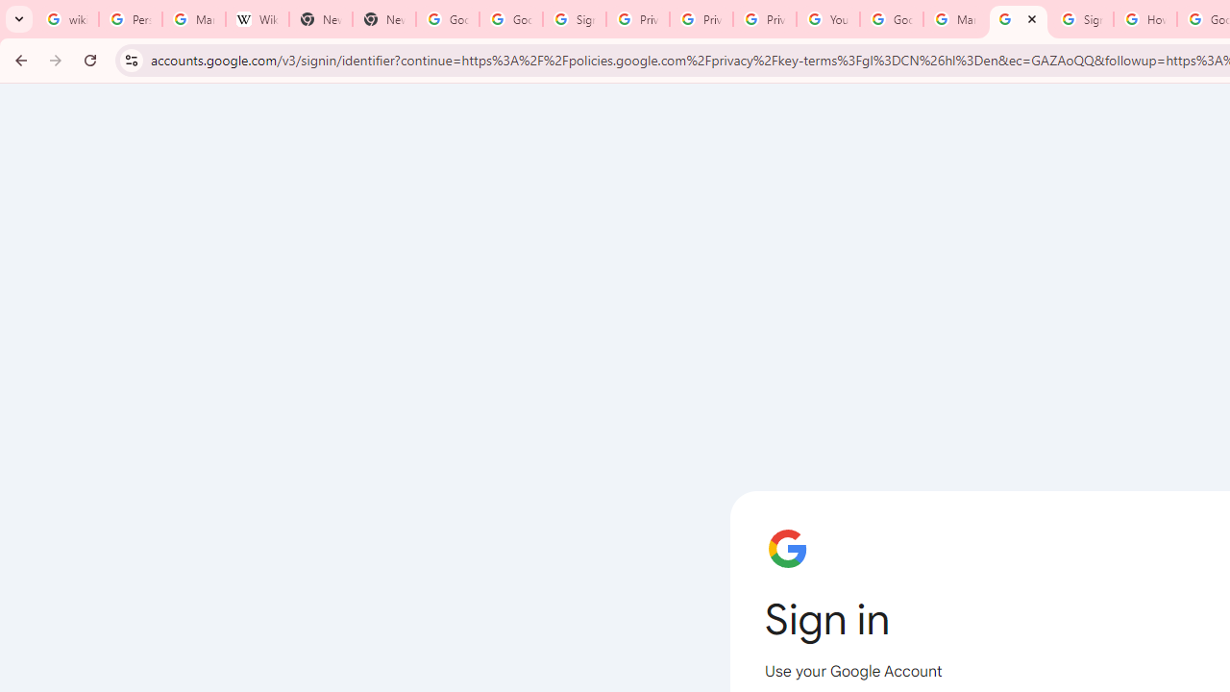  What do you see at coordinates (828, 19) in the screenshot?
I see `'YouTube'` at bounding box center [828, 19].